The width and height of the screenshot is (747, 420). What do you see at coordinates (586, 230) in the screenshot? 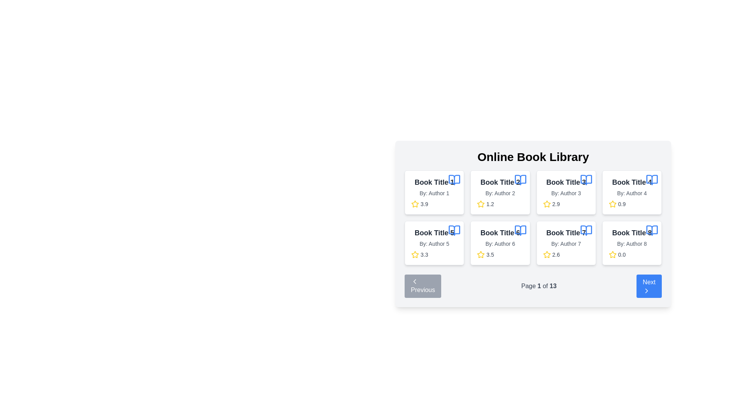
I see `the blue bookmark icon located in the top-right corner of the card for 'Book Title 7'` at bounding box center [586, 230].